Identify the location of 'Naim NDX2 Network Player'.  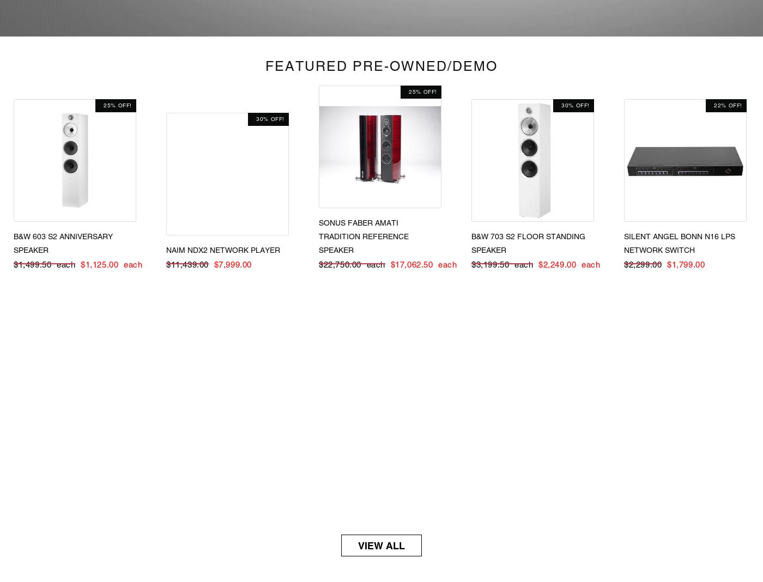
(223, 249).